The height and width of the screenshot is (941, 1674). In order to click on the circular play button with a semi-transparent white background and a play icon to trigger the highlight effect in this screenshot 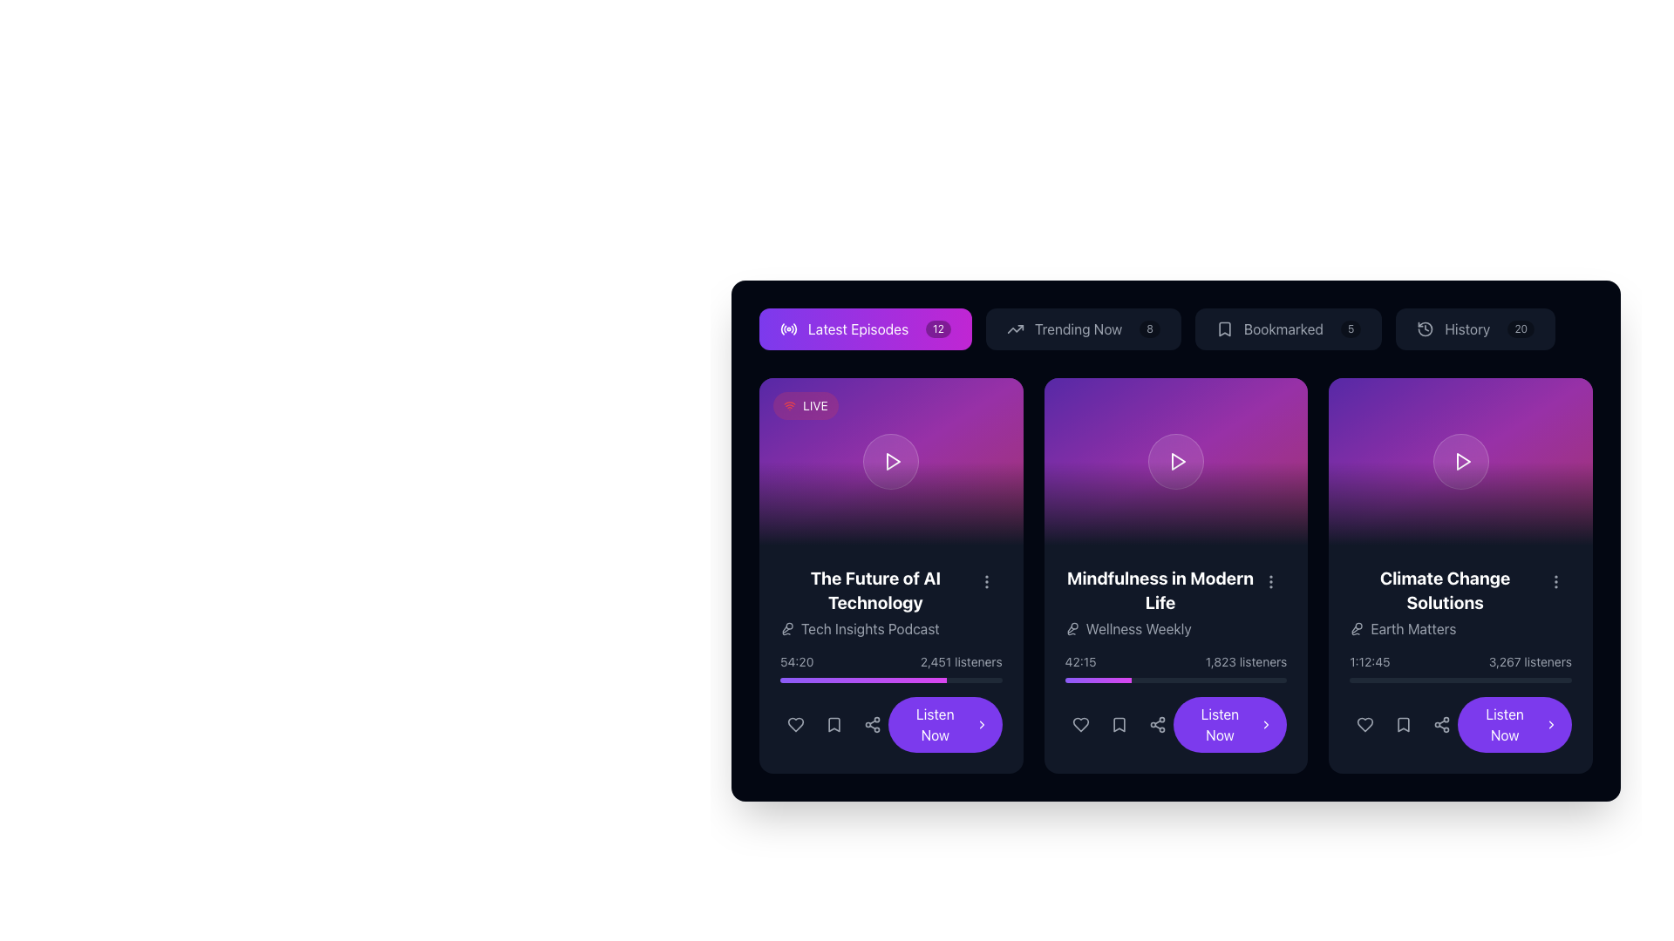, I will do `click(1460, 460)`.